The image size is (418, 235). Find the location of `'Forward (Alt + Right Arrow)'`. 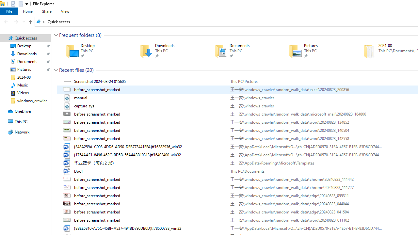

'Forward (Alt + Right Arrow)' is located at coordinates (16, 21).